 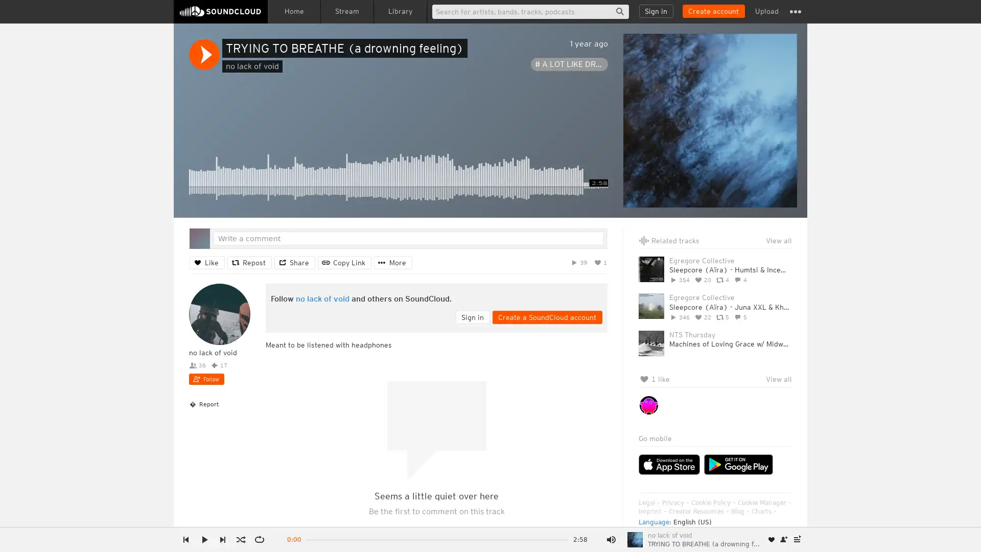 What do you see at coordinates (204, 55) in the screenshot?
I see `Play` at bounding box center [204, 55].